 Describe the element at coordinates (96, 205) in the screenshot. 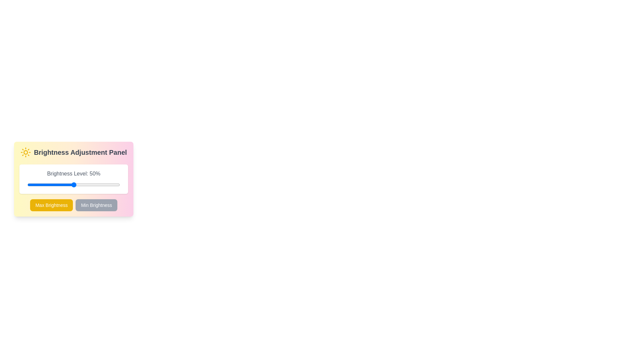

I see `the button labeled Min Brightness` at that location.